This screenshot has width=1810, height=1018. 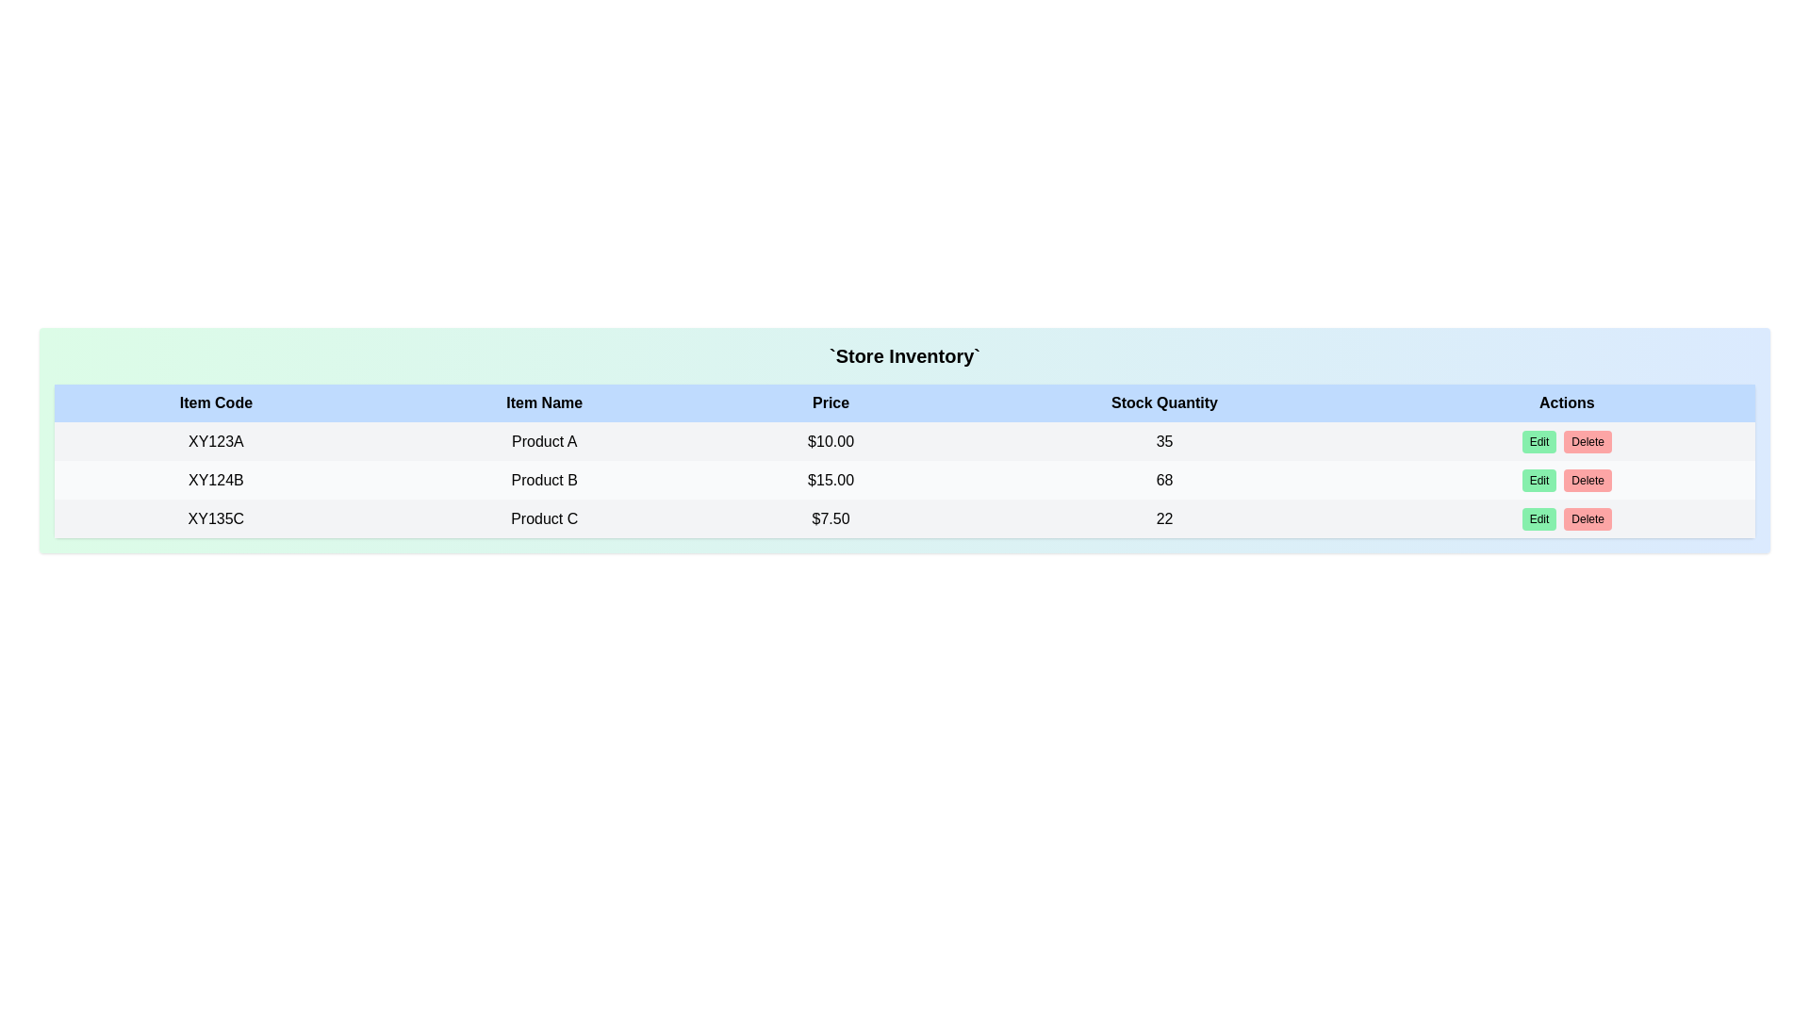 I want to click on the table header labeled 'Actions', which is the last column header in a table with a light blue background and bold black text, so click(x=1567, y=402).